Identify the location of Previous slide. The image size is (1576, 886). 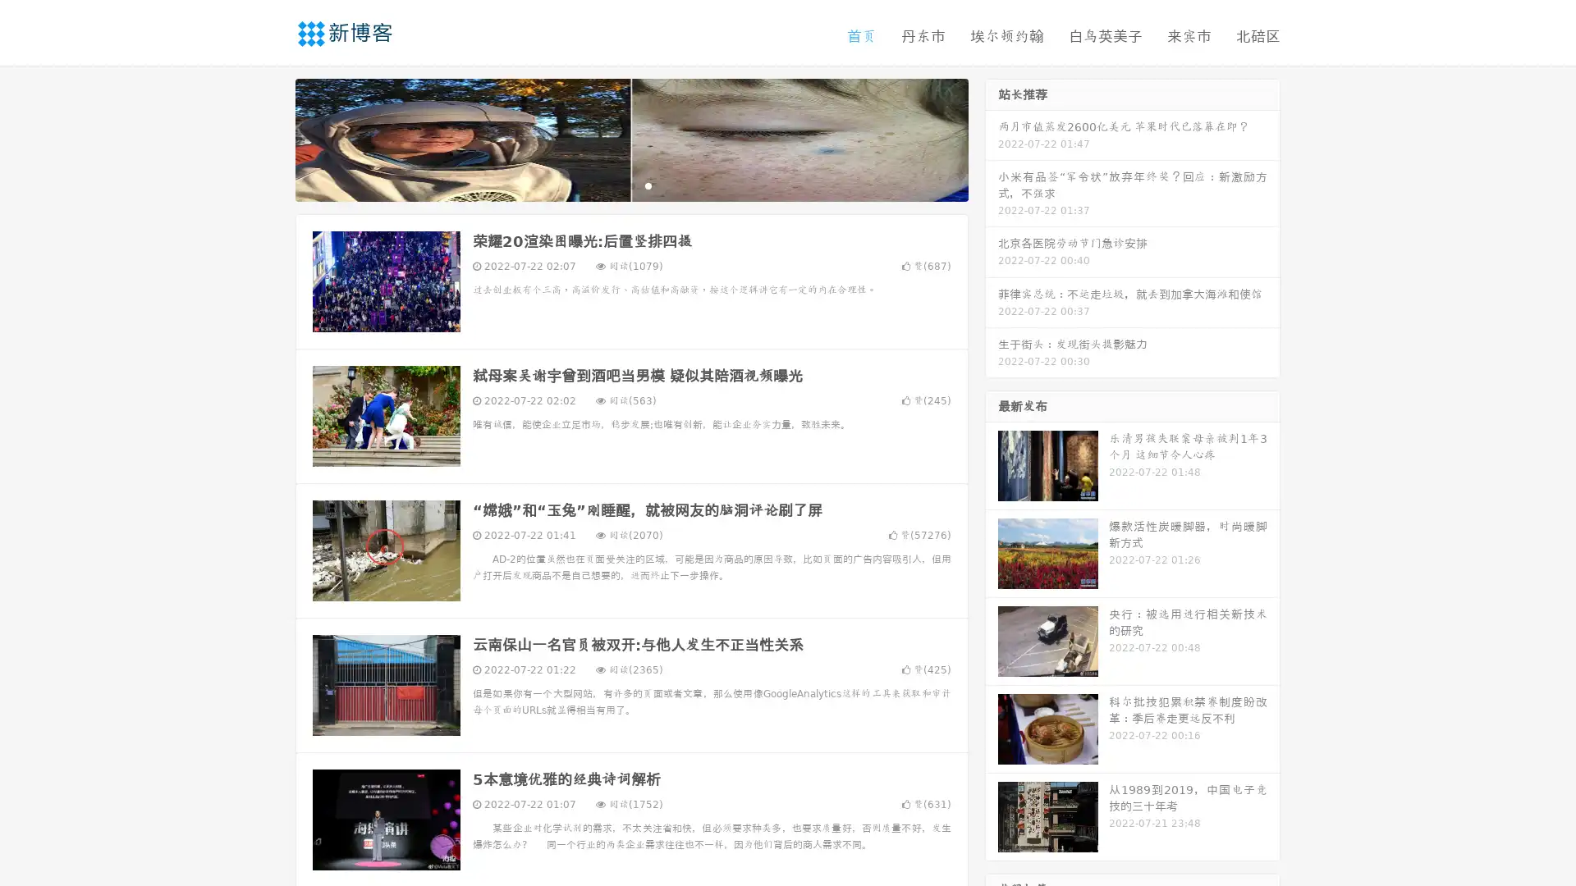
(271, 138).